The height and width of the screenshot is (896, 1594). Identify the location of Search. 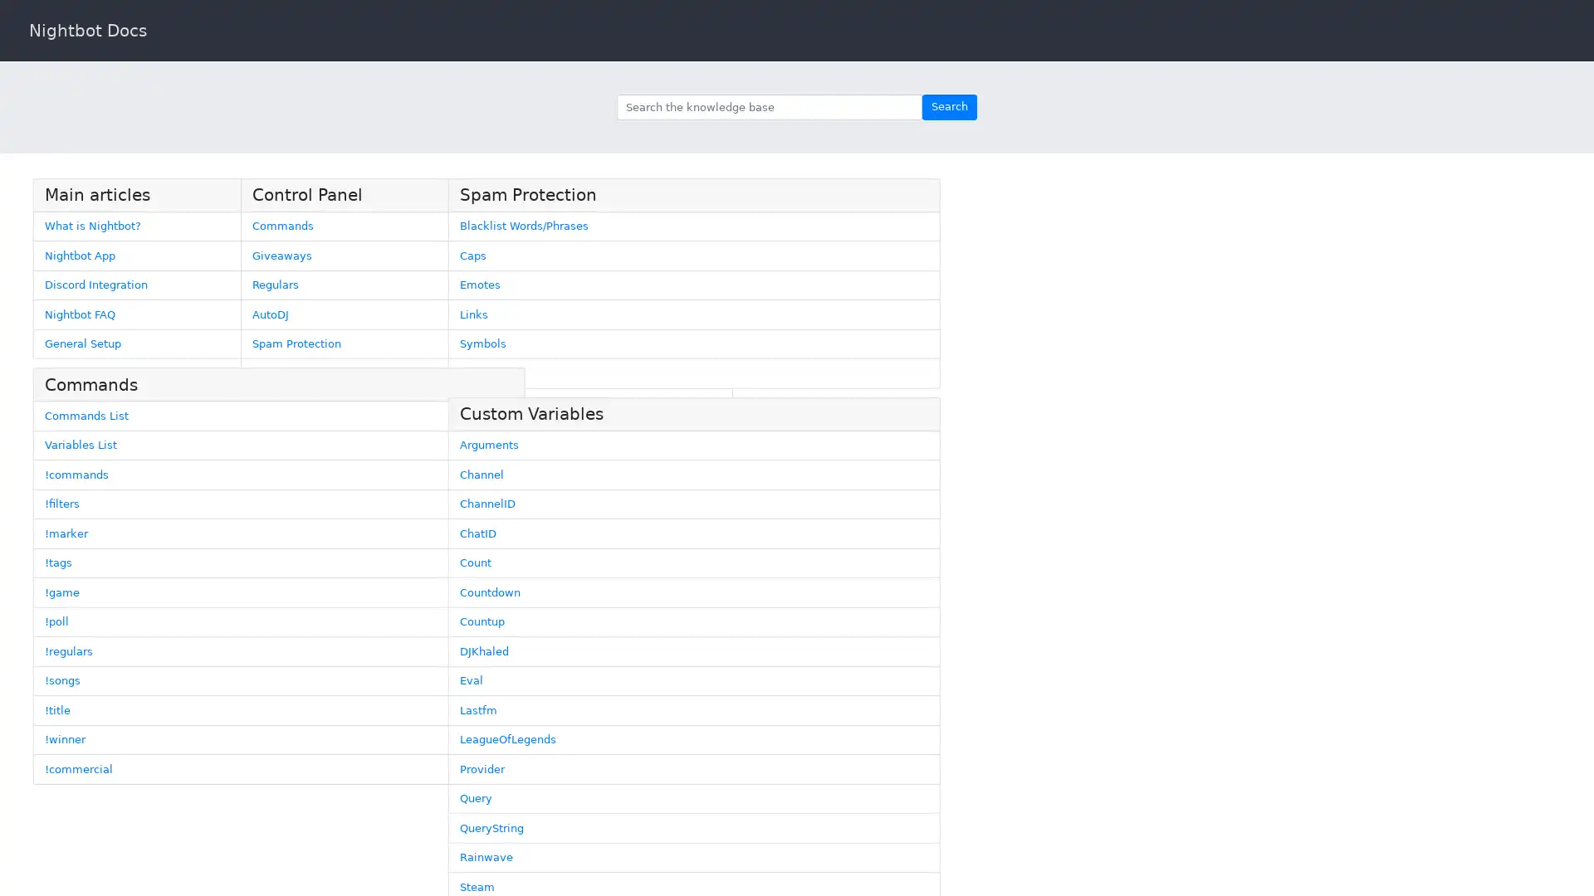
(949, 106).